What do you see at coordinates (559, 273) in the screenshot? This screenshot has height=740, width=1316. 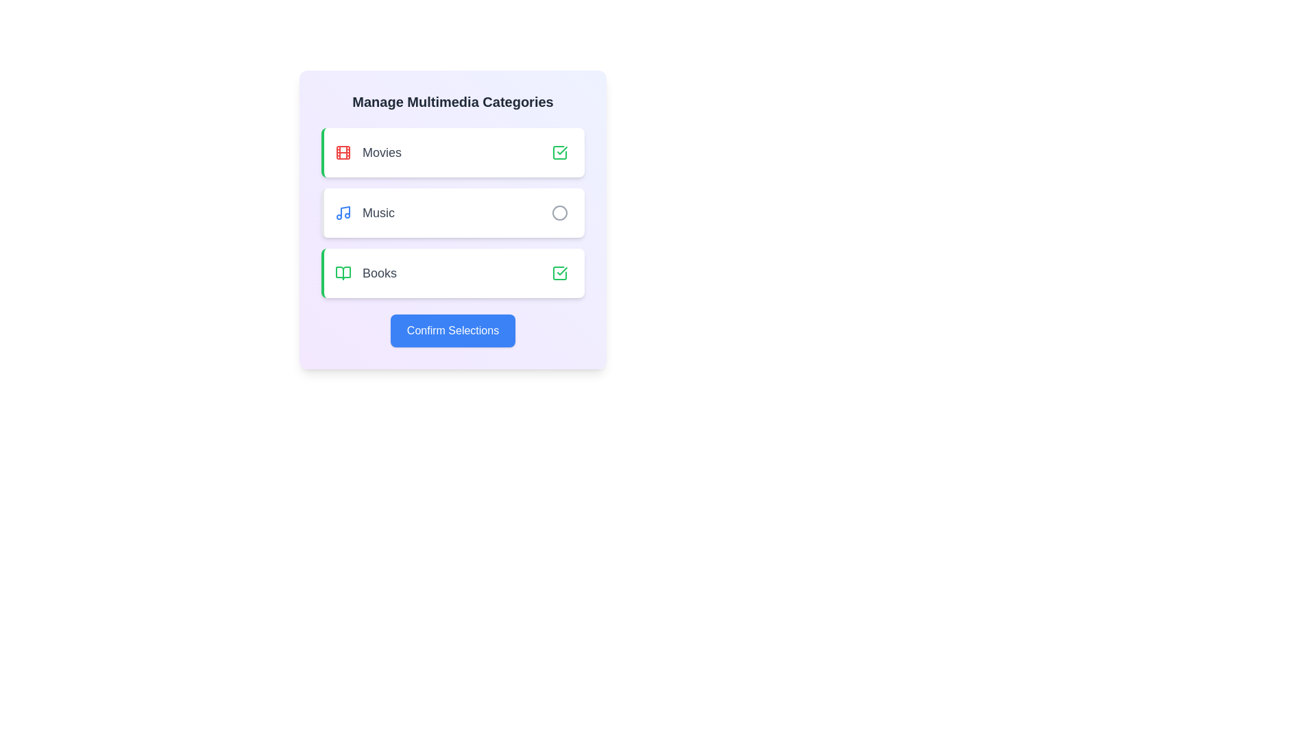 I see `the category Books by clicking its corresponding button` at bounding box center [559, 273].